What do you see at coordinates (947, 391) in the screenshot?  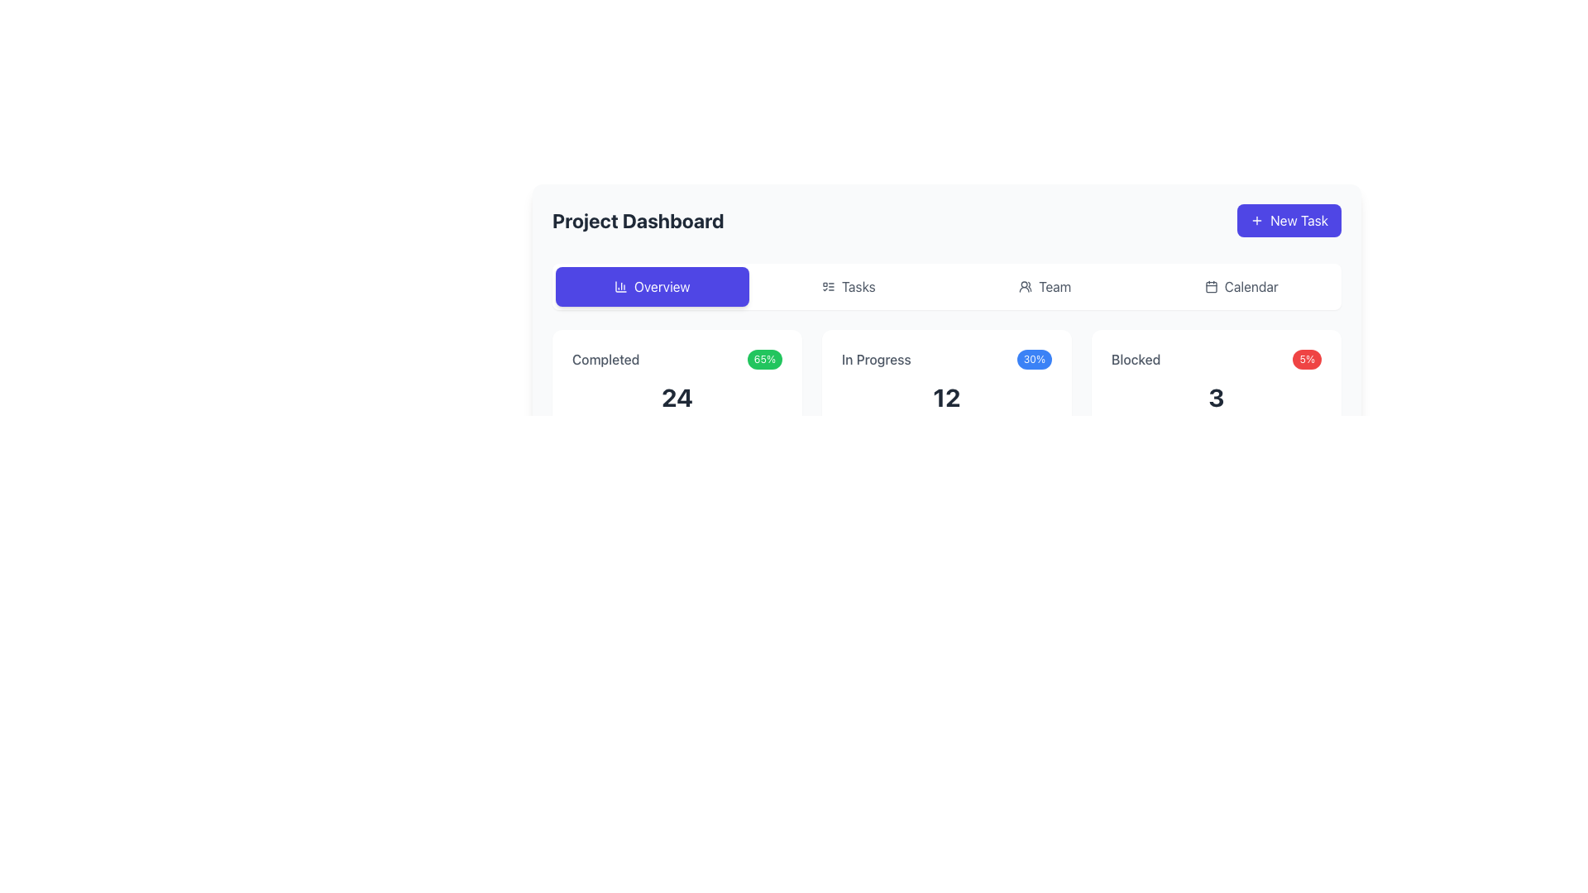 I see `displayed information from the card with a white background, rounded corners, and a shadow effect, which shows 'In Progress', '30%', and a bold '12'` at bounding box center [947, 391].